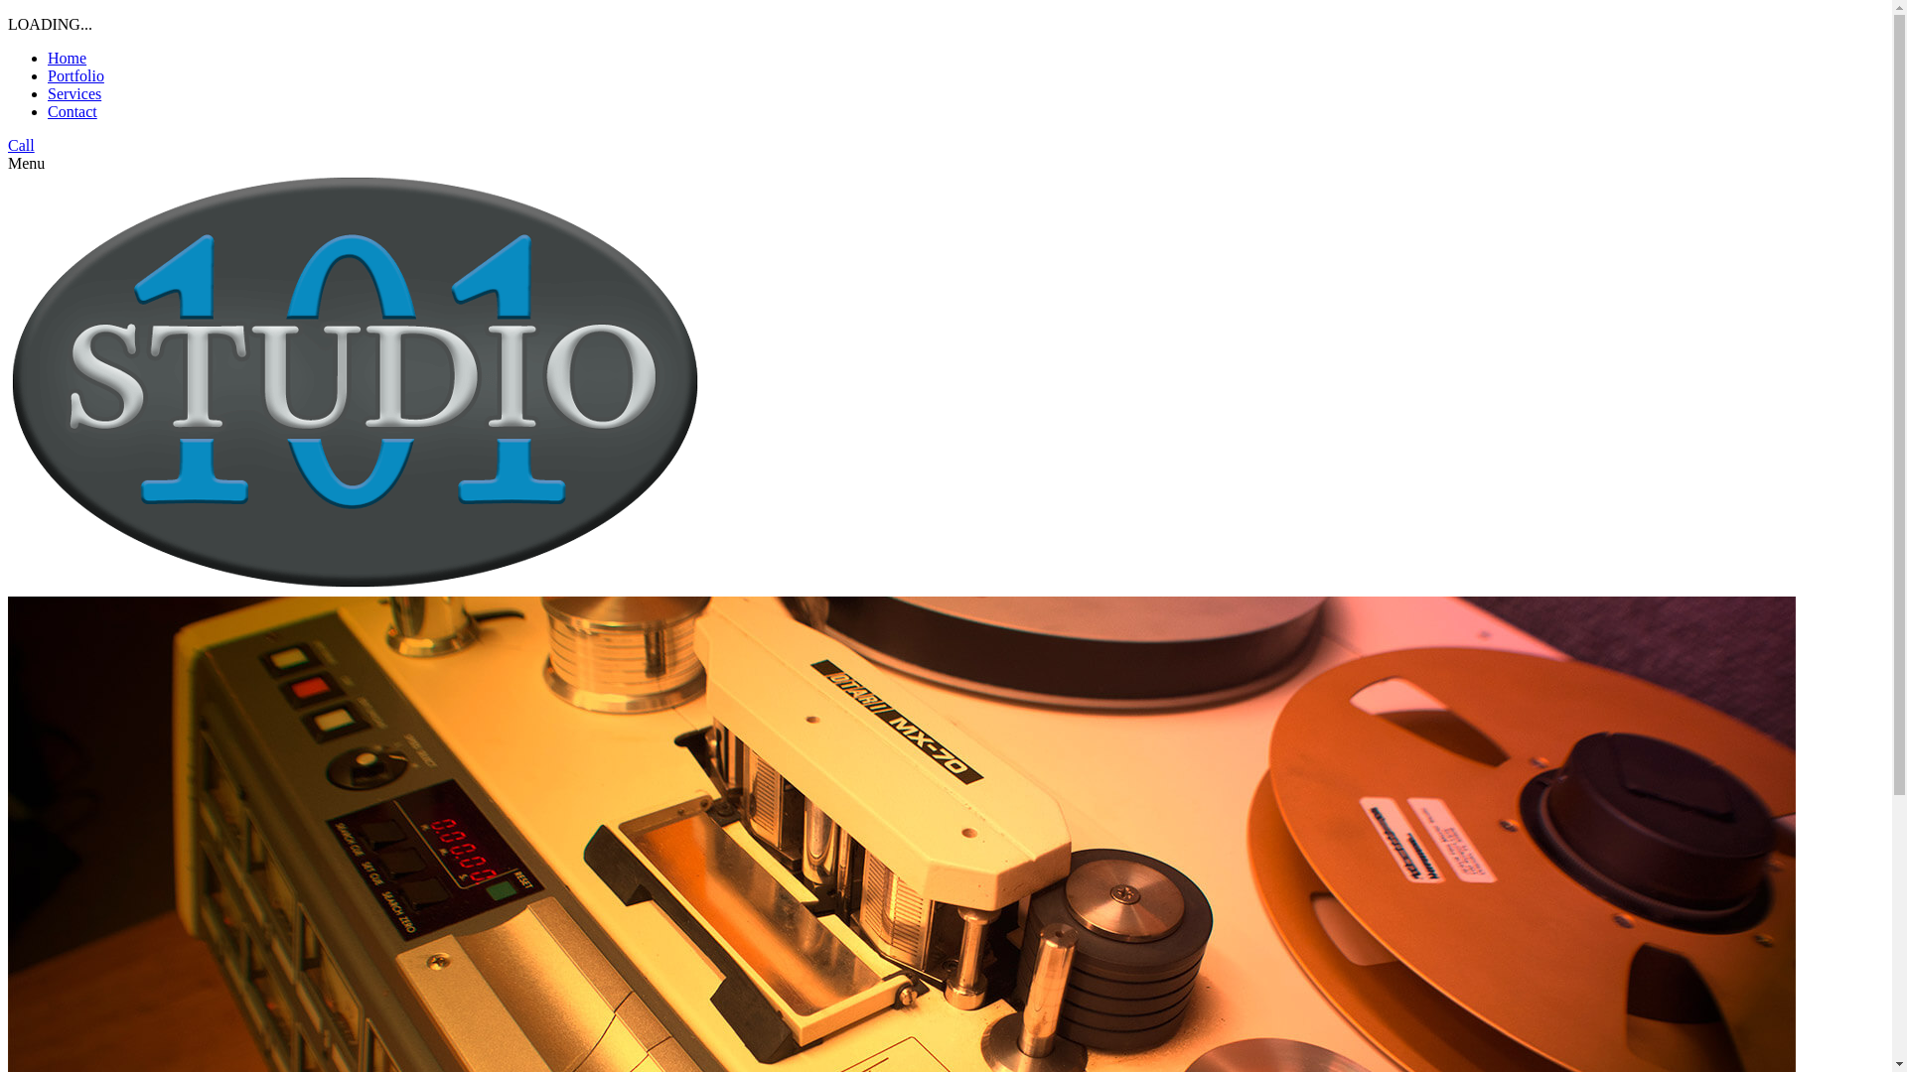 Image resolution: width=1907 pixels, height=1072 pixels. What do you see at coordinates (75, 74) in the screenshot?
I see `'Portfolio'` at bounding box center [75, 74].